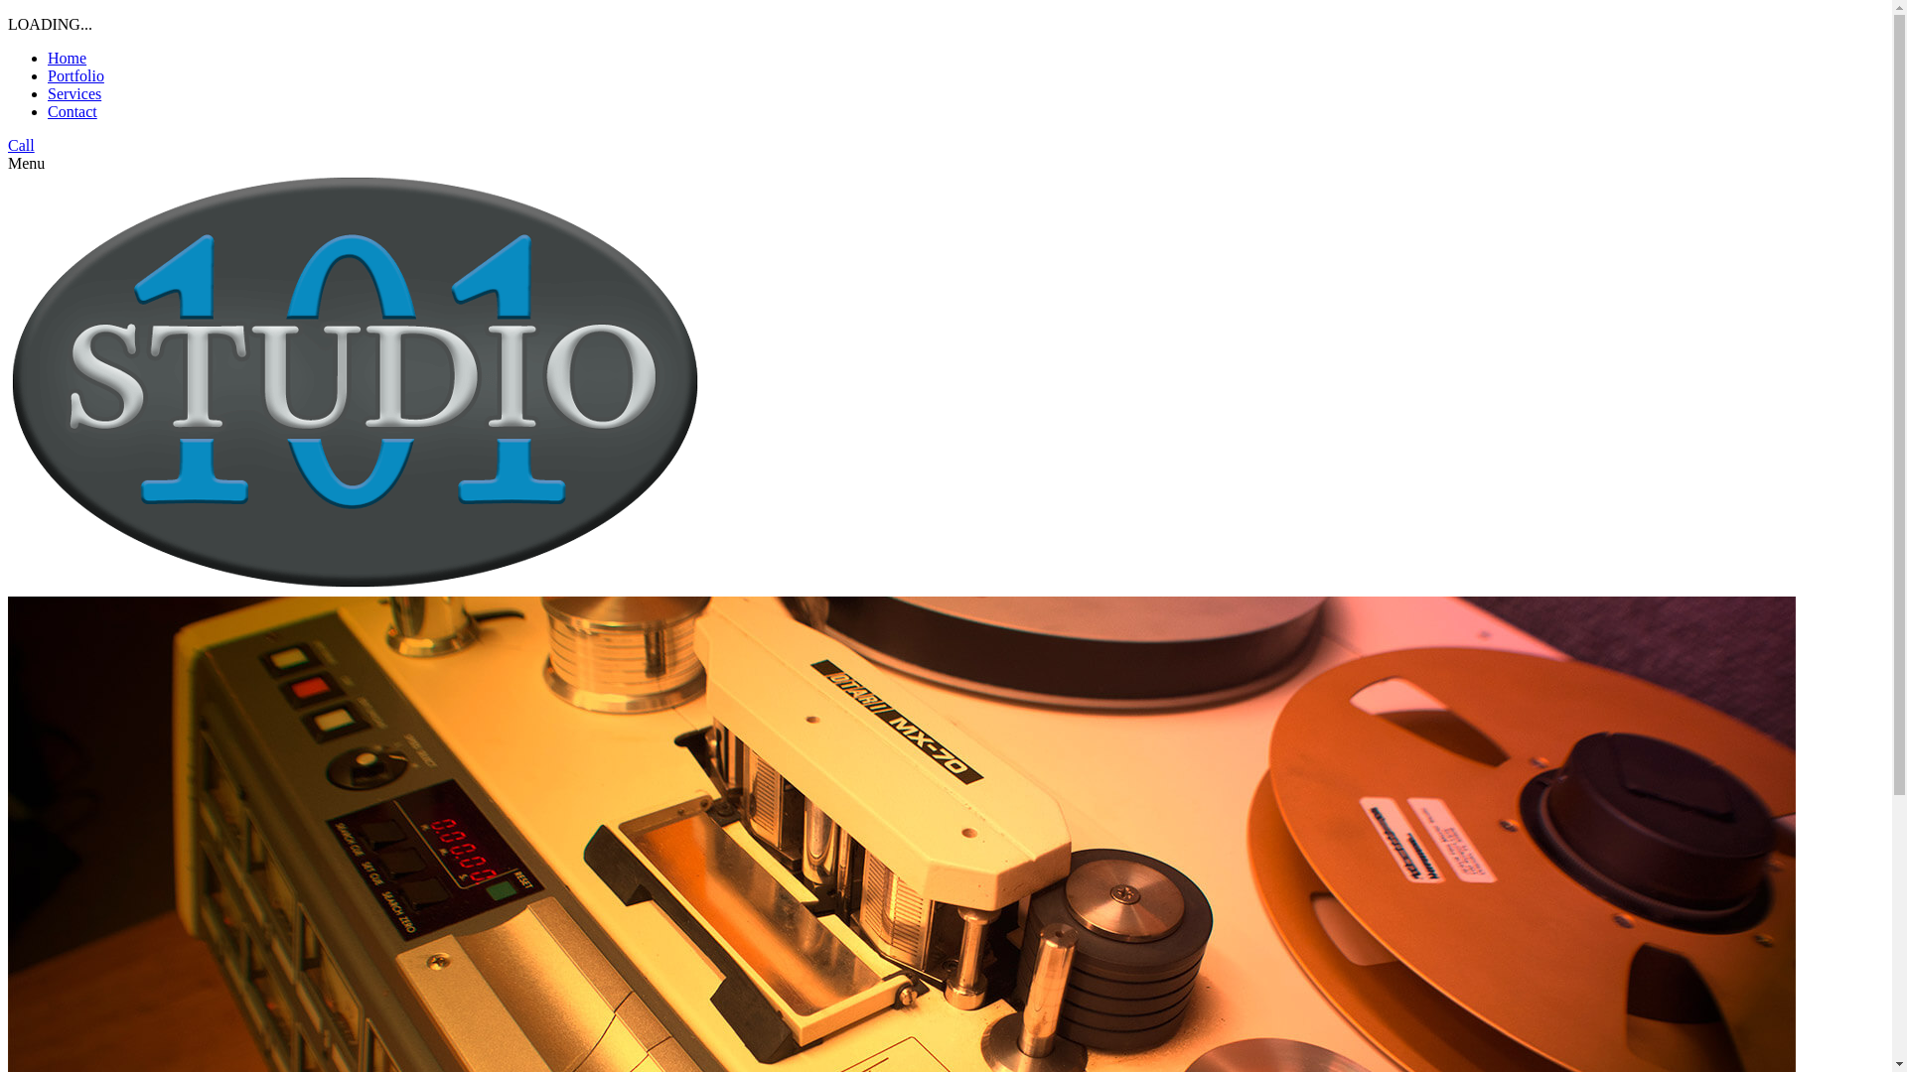 Image resolution: width=1907 pixels, height=1072 pixels. What do you see at coordinates (75, 74) in the screenshot?
I see `'Portfolio'` at bounding box center [75, 74].